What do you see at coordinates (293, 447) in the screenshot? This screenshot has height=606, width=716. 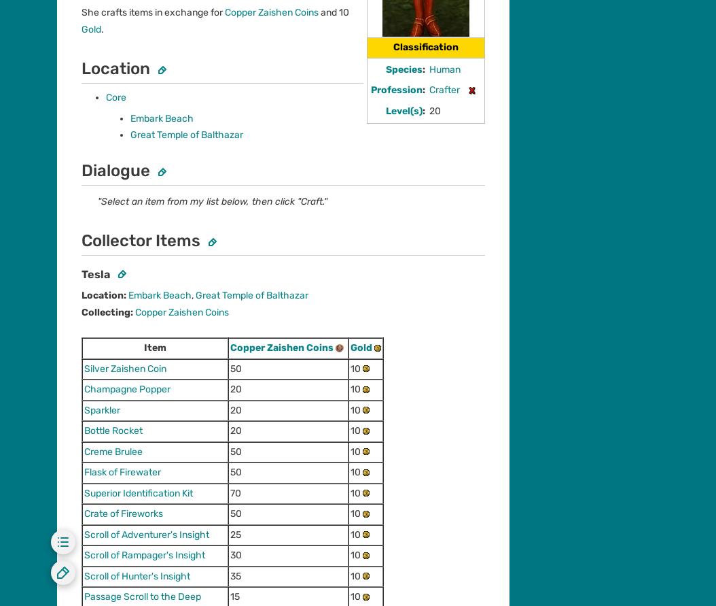 I see `'Do Not Sell or Share My Personal Information'` at bounding box center [293, 447].